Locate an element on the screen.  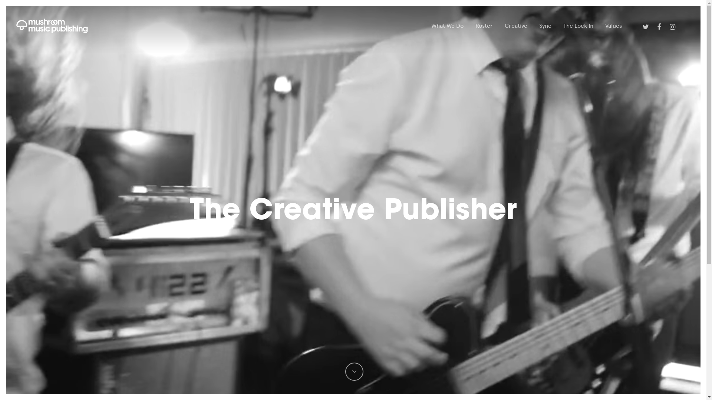
'Roster' is located at coordinates (475, 25).